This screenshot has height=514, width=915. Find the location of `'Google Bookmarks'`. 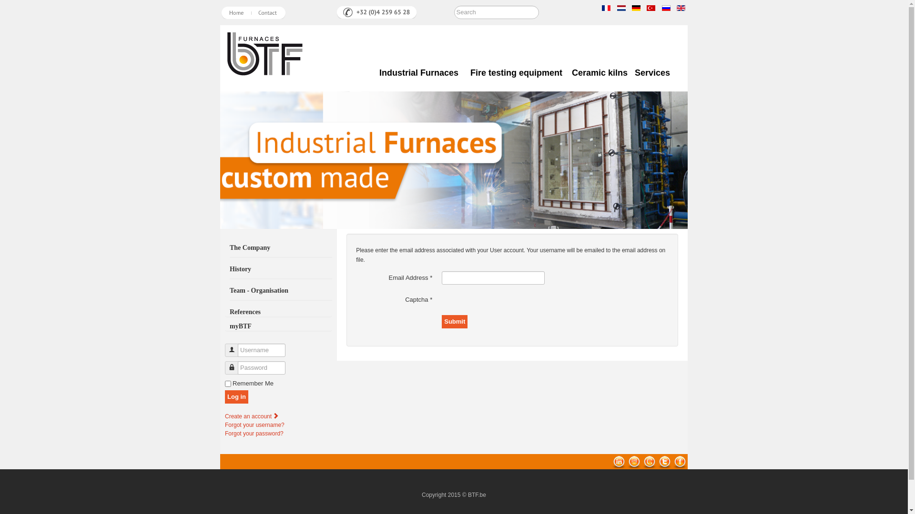

'Google Bookmarks' is located at coordinates (649, 461).